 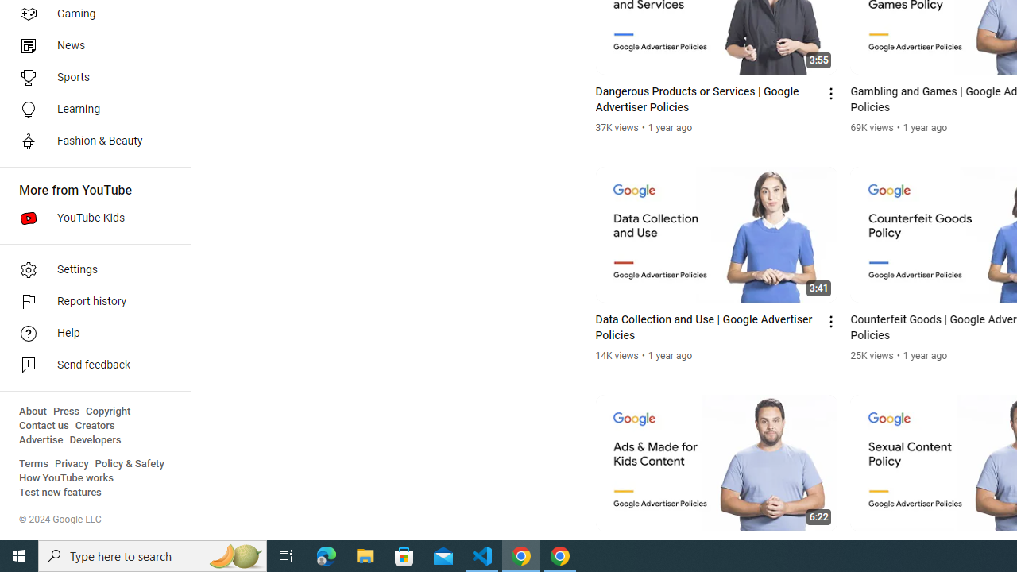 What do you see at coordinates (89, 140) in the screenshot?
I see `'Fashion & Beauty'` at bounding box center [89, 140].